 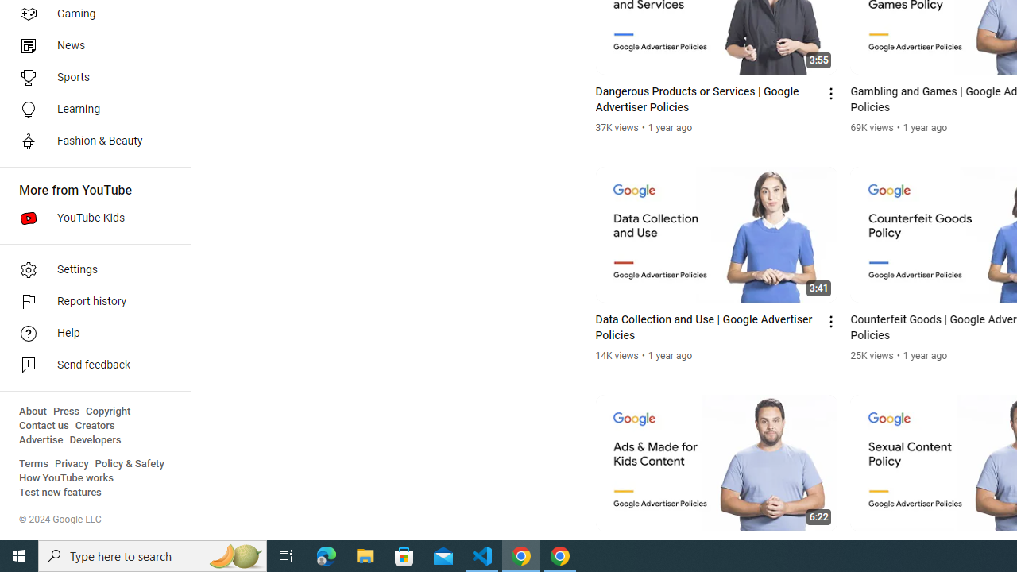 What do you see at coordinates (89, 140) in the screenshot?
I see `'Fashion & Beauty'` at bounding box center [89, 140].